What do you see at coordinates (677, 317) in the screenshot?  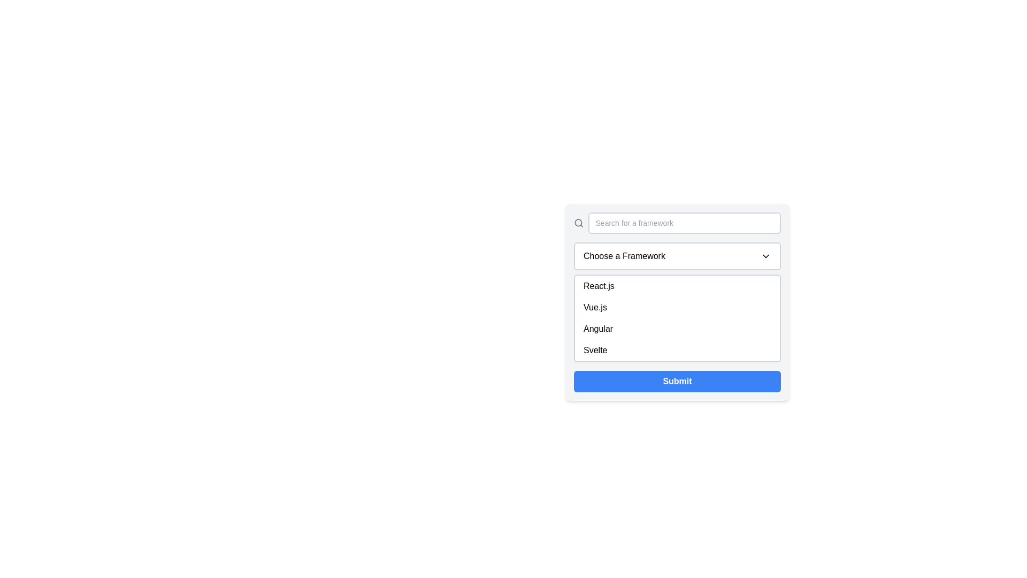 I see `an item in the scrollable dropdown selection list for programming frameworks, located beneath the 'Choose a Framework' dropdown button` at bounding box center [677, 317].